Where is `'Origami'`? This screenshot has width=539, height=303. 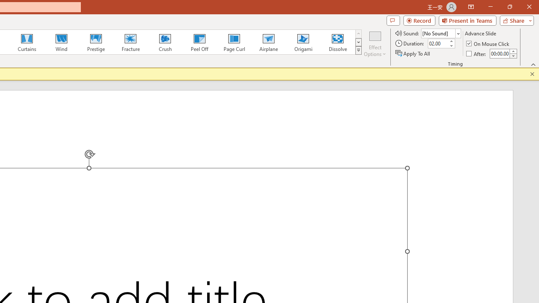
'Origami' is located at coordinates (303, 42).